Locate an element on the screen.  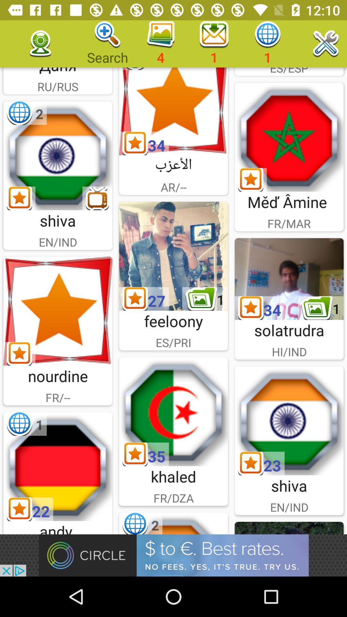
symbol is located at coordinates (173, 111).